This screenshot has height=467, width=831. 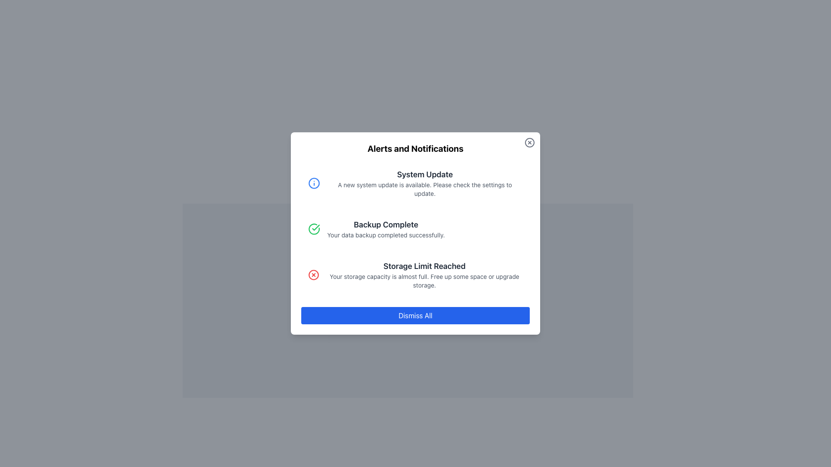 What do you see at coordinates (424, 266) in the screenshot?
I see `the text label displaying 'Storage Limit Reached', which is prominently positioned in the modal dialog box, above the 'Dismiss All' button` at bounding box center [424, 266].